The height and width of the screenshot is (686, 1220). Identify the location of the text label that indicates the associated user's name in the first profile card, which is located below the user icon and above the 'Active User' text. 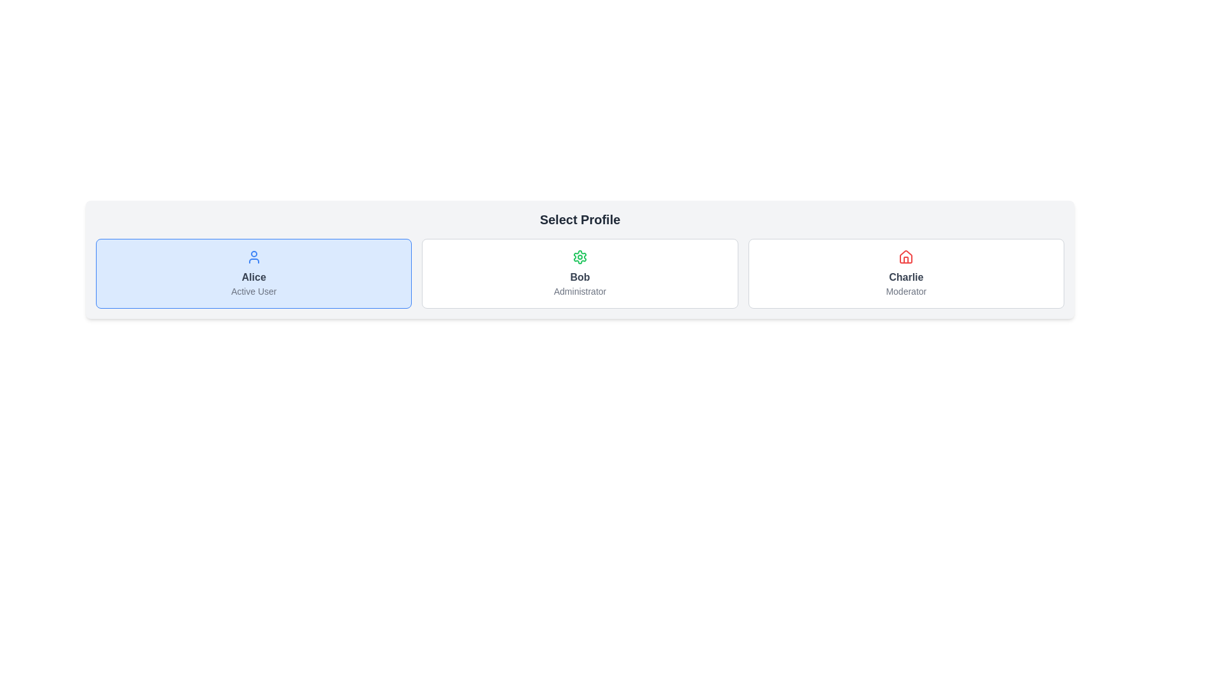
(254, 276).